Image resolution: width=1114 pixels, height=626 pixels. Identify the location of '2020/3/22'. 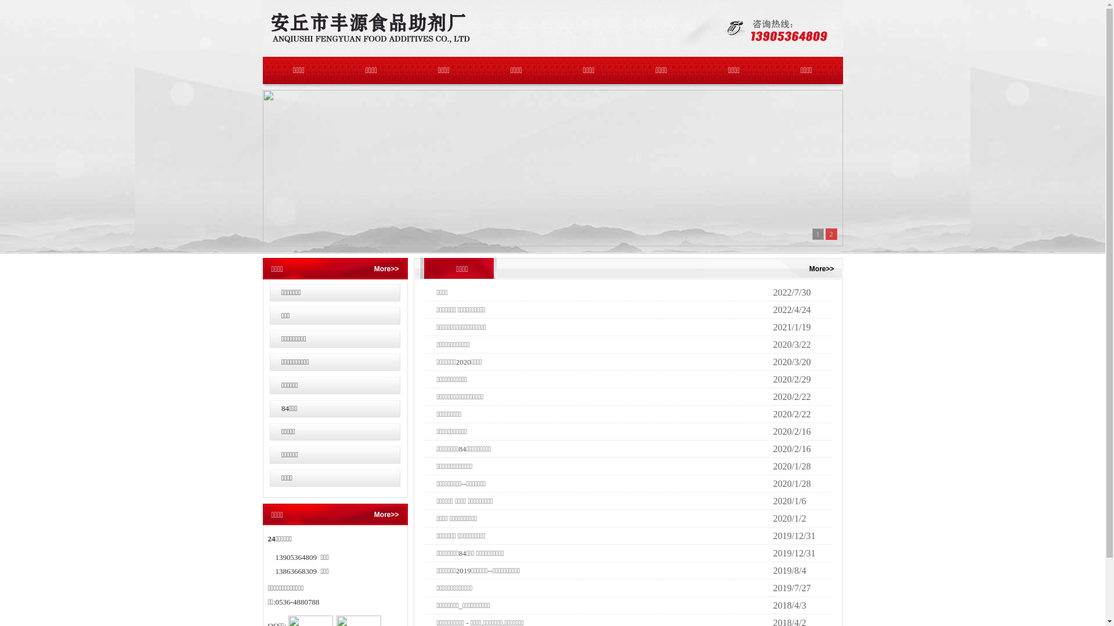
(772, 344).